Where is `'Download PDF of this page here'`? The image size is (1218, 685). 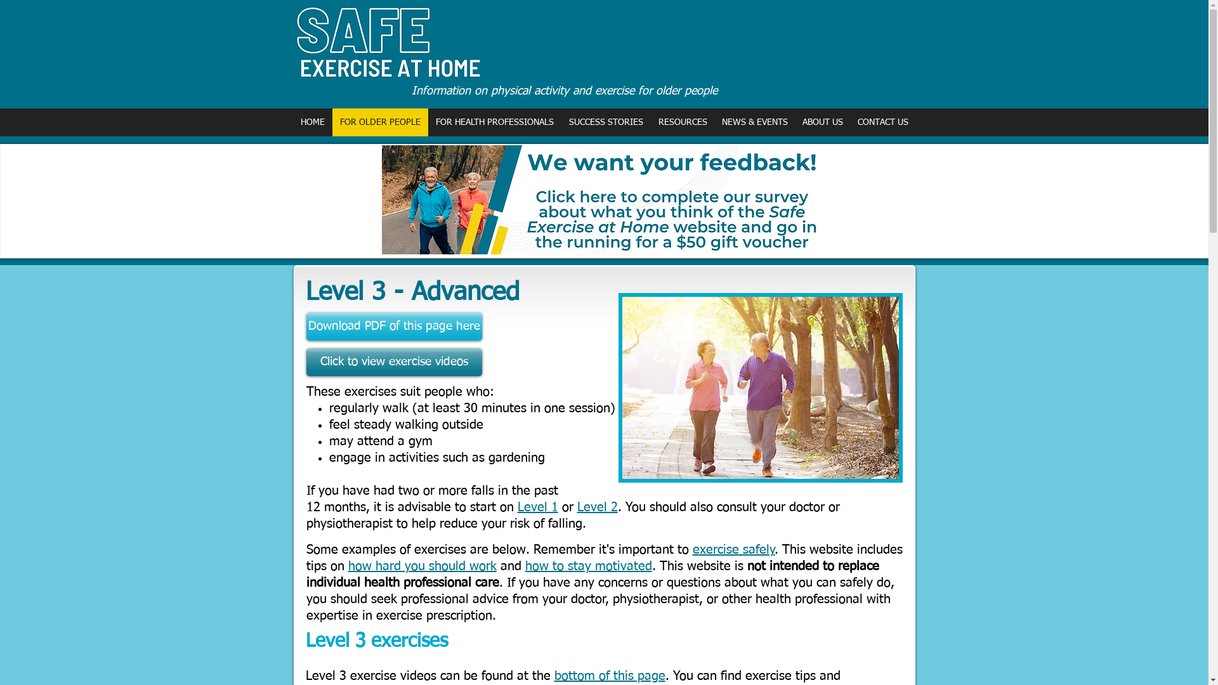 'Download PDF of this page here' is located at coordinates (305, 326).